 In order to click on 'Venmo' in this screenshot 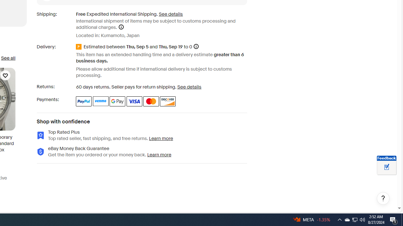, I will do `click(101, 101)`.